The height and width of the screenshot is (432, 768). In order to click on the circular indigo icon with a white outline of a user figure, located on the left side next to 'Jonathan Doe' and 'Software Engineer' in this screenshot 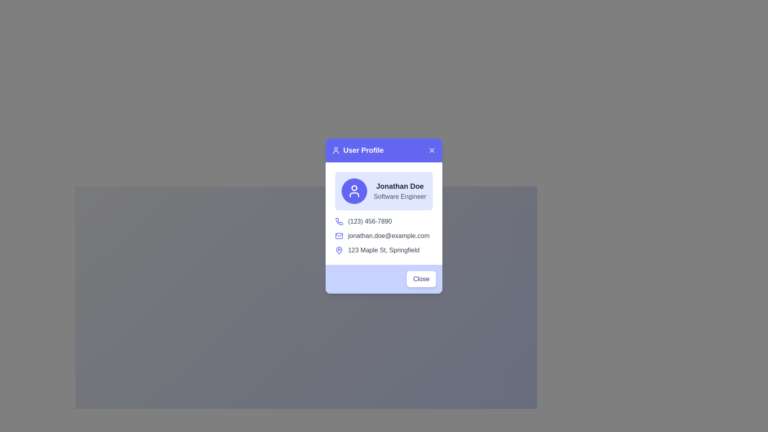, I will do `click(354, 191)`.